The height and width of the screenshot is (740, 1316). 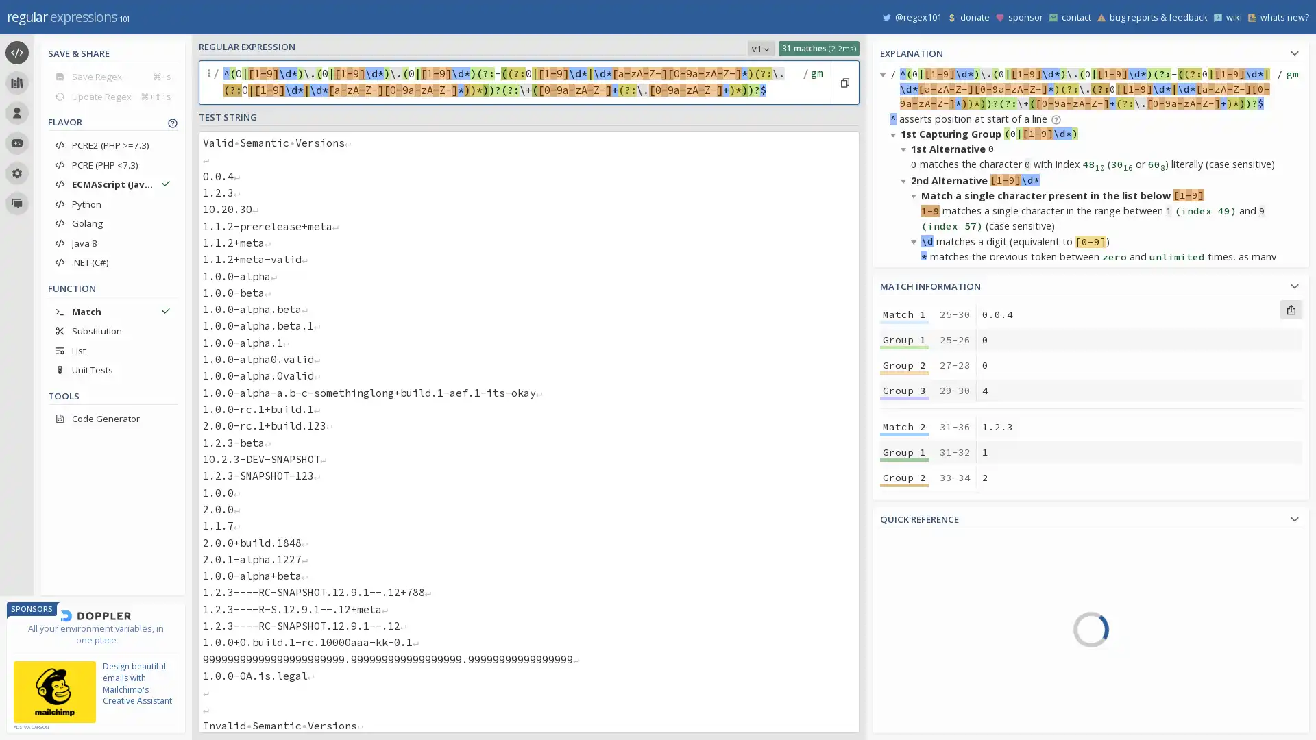 I want to click on Save Regex +s, so click(x=112, y=76).